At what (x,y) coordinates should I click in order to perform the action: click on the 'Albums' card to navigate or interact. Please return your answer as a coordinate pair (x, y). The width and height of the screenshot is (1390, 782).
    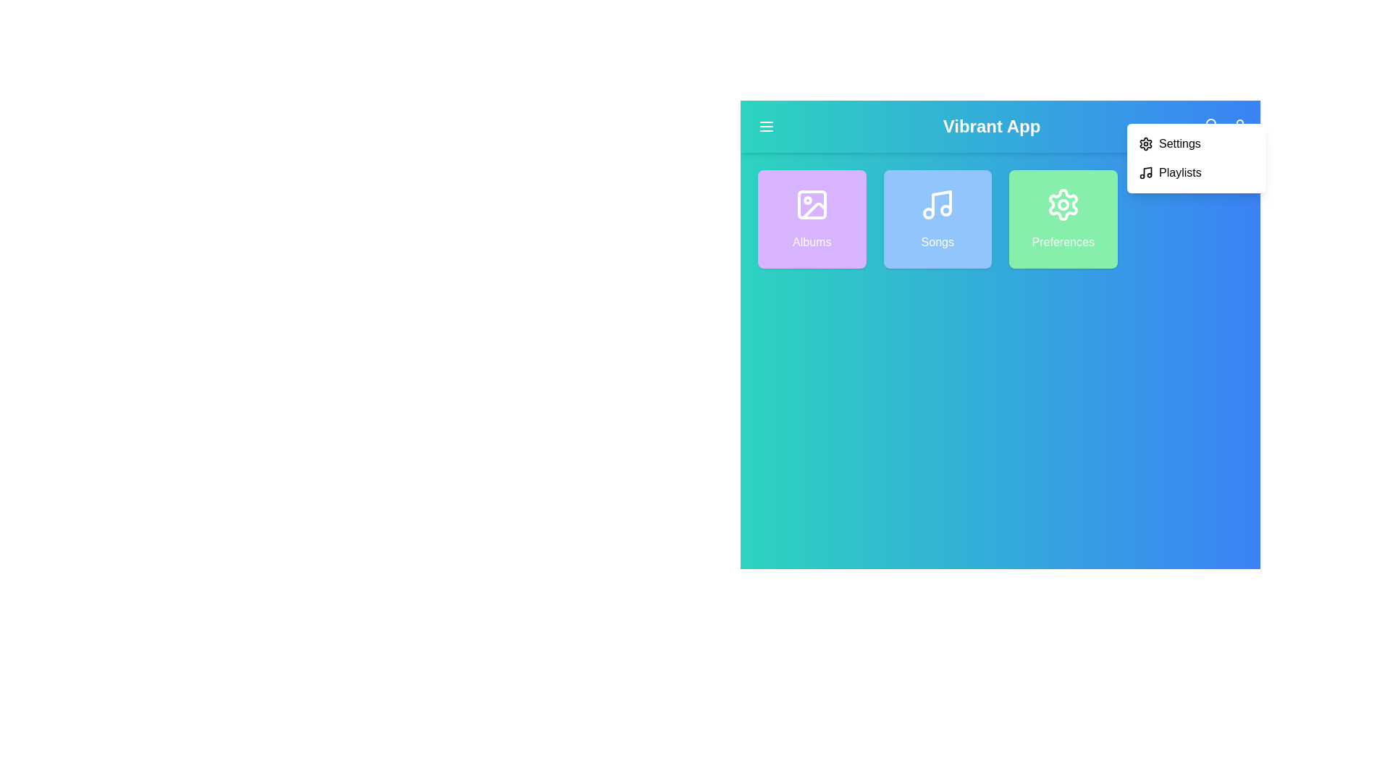
    Looking at the image, I should click on (812, 219).